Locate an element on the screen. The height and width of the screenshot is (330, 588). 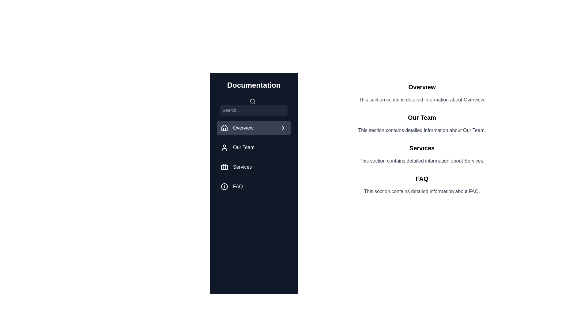
text displayed on the 'Services' label located in the left vertical navigation bar, positioned to the right of the graphical icon is located at coordinates (242, 167).